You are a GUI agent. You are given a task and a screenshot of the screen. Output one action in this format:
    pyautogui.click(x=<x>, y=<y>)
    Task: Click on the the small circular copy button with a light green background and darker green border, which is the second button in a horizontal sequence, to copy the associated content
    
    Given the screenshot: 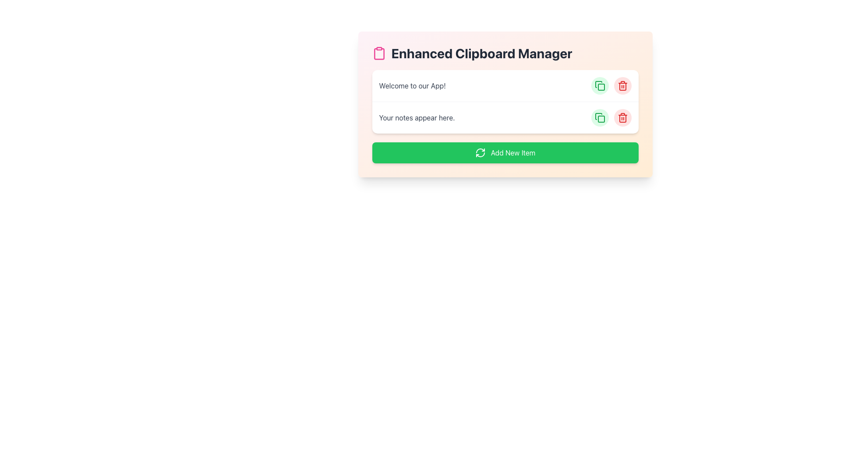 What is the action you would take?
    pyautogui.click(x=599, y=117)
    